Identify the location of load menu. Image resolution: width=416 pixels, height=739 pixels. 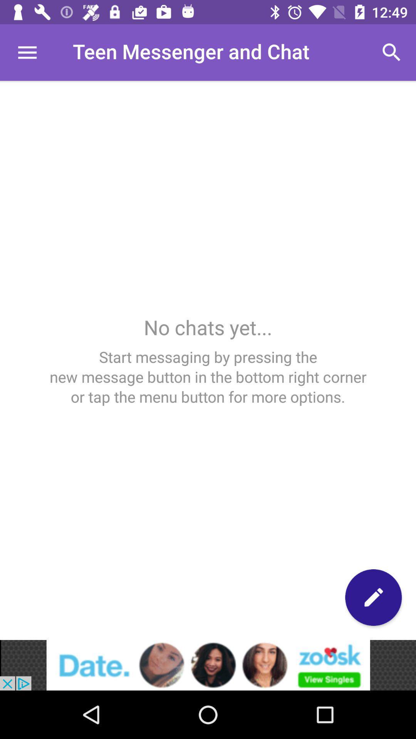
(27, 52).